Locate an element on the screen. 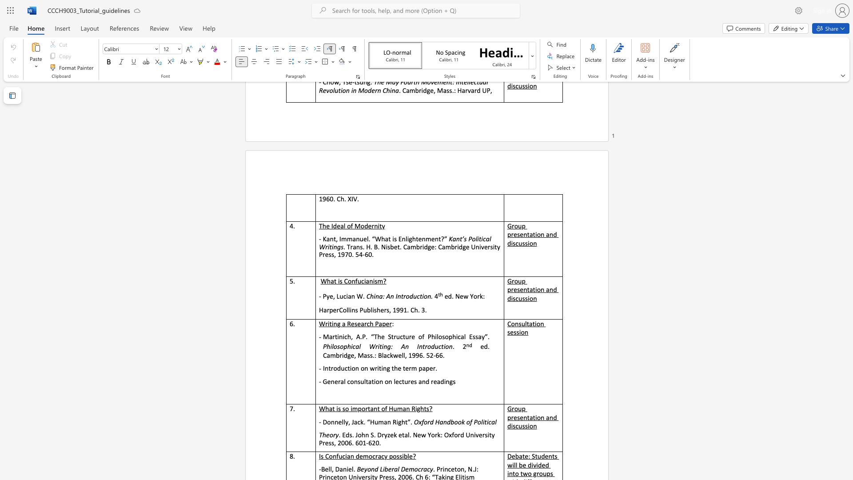  the subset text "troduct" within the text "China: An Introduction." is located at coordinates (400, 296).